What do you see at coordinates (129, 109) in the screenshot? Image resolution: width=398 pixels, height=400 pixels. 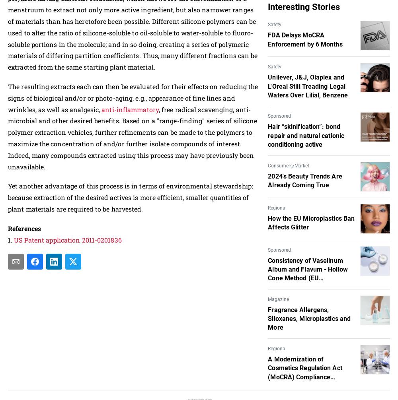 I see `'anti-inflammatory'` at bounding box center [129, 109].